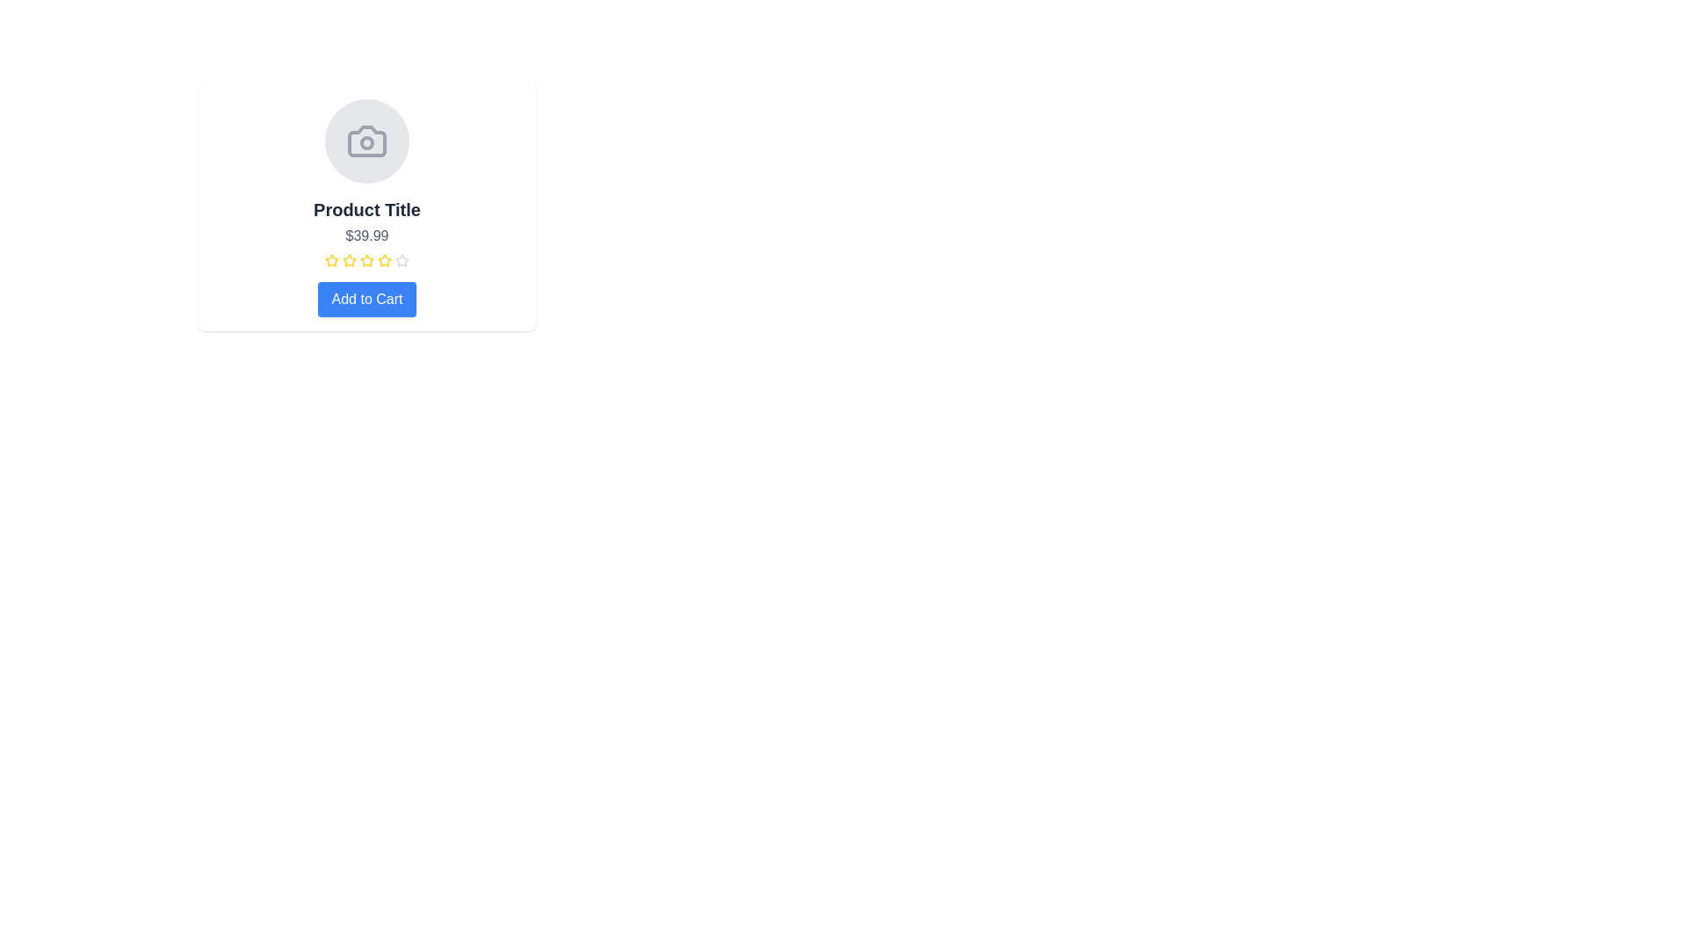 The width and height of the screenshot is (1687, 949). What do you see at coordinates (350, 261) in the screenshot?
I see `the third star icon, which is yellow and part of a rating interface, located in the middle of the product details UI component` at bounding box center [350, 261].